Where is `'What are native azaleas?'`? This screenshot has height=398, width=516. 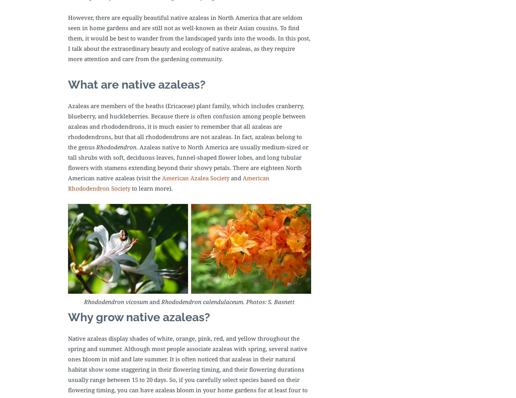 'What are native azaleas?' is located at coordinates (137, 84).